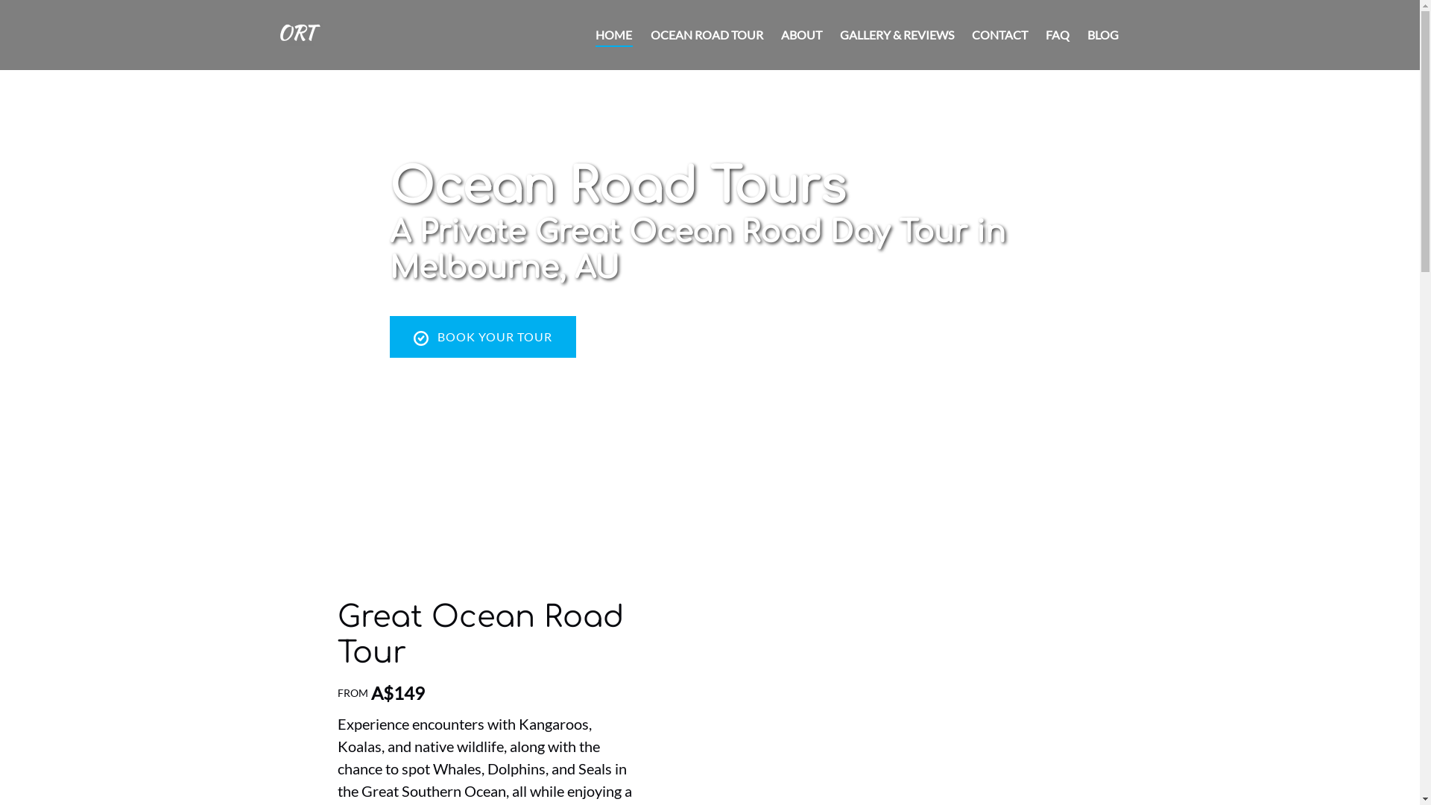 The width and height of the screenshot is (1431, 805). Describe the element at coordinates (7, 16) in the screenshot. I see `'Skip to primary navigation'` at that location.